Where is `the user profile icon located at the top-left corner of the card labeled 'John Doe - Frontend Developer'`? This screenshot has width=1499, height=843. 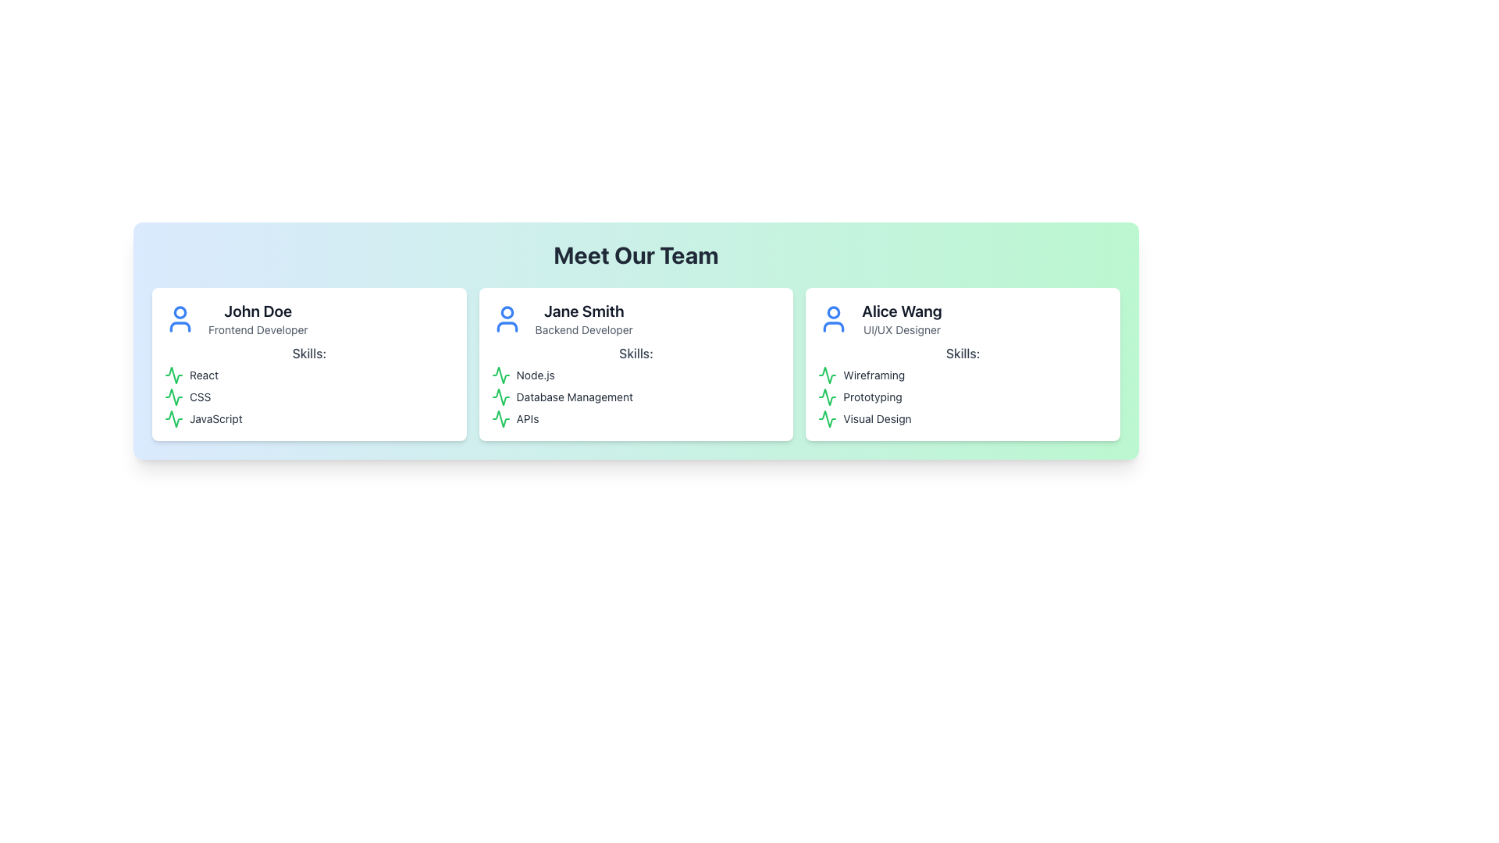
the user profile icon located at the top-left corner of the card labeled 'John Doe - Frontend Developer' is located at coordinates (180, 318).